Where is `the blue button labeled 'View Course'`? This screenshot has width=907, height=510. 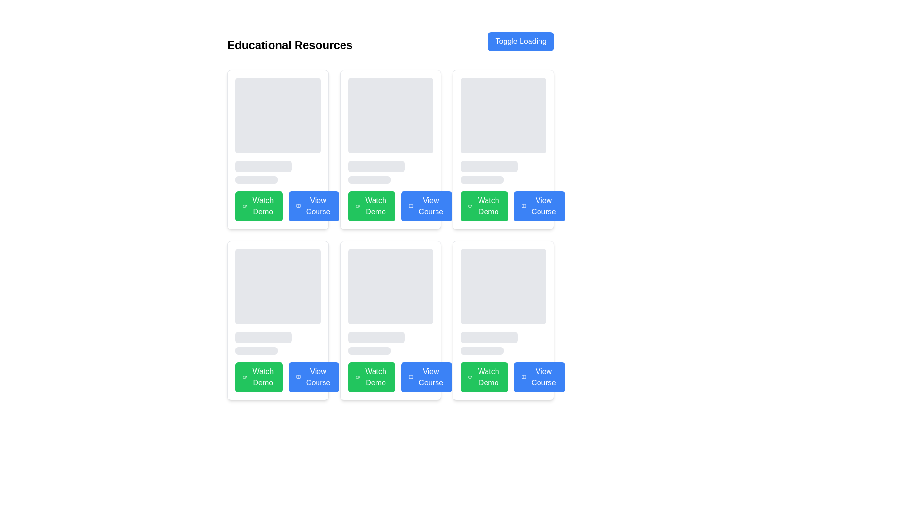
the blue button labeled 'View Course' is located at coordinates (411, 376).